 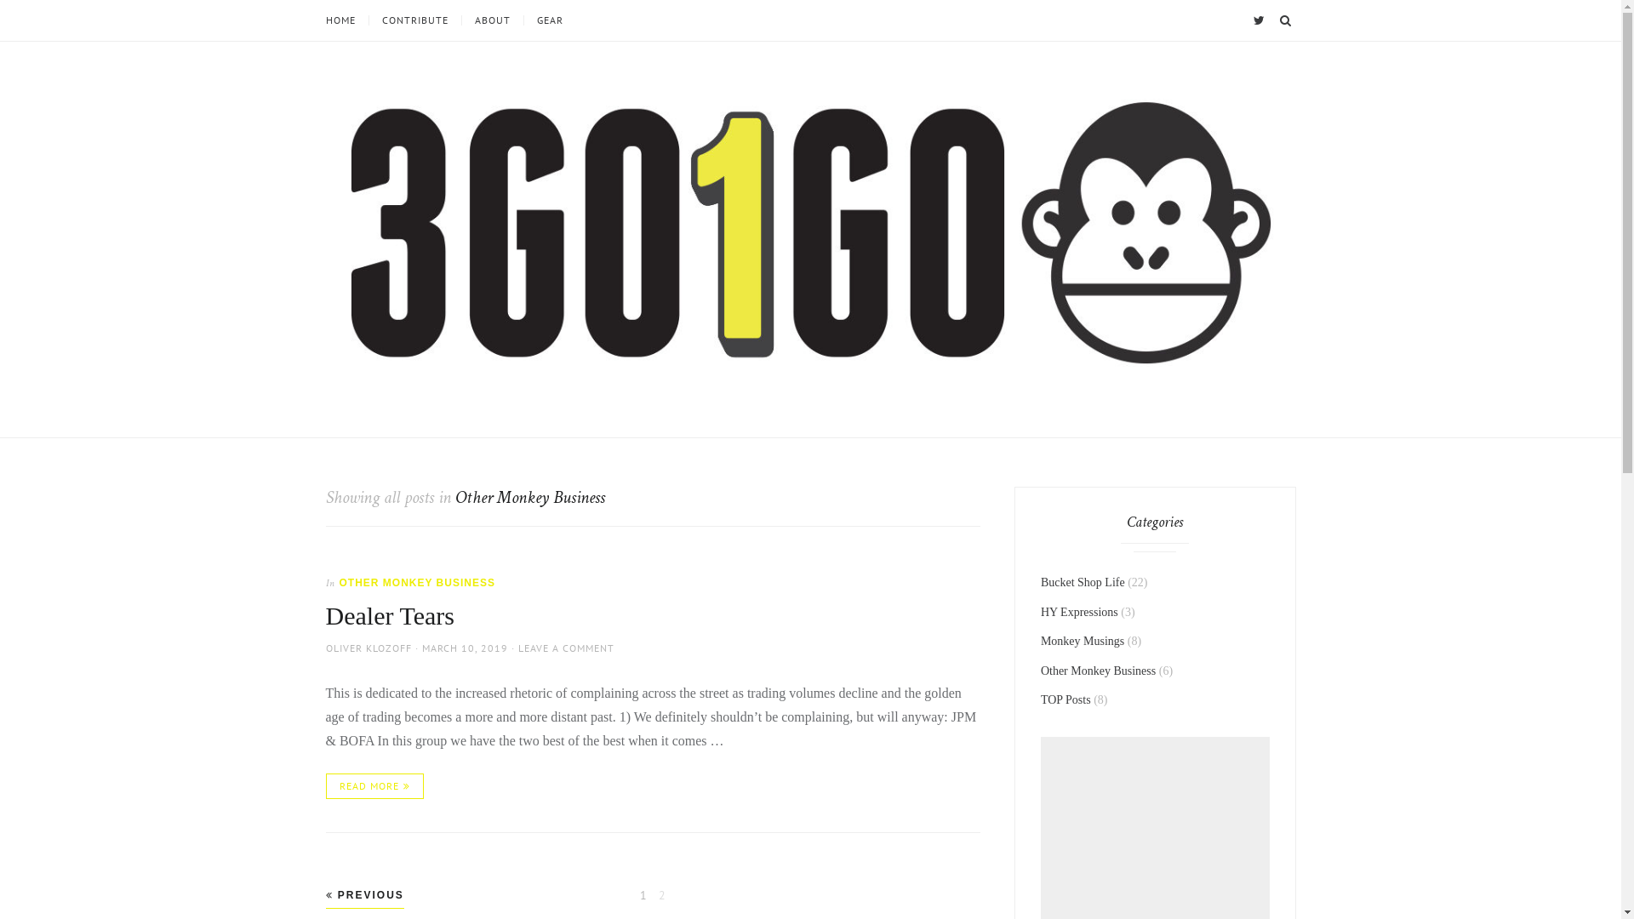 I want to click on 'ABOUT', so click(x=491, y=20).